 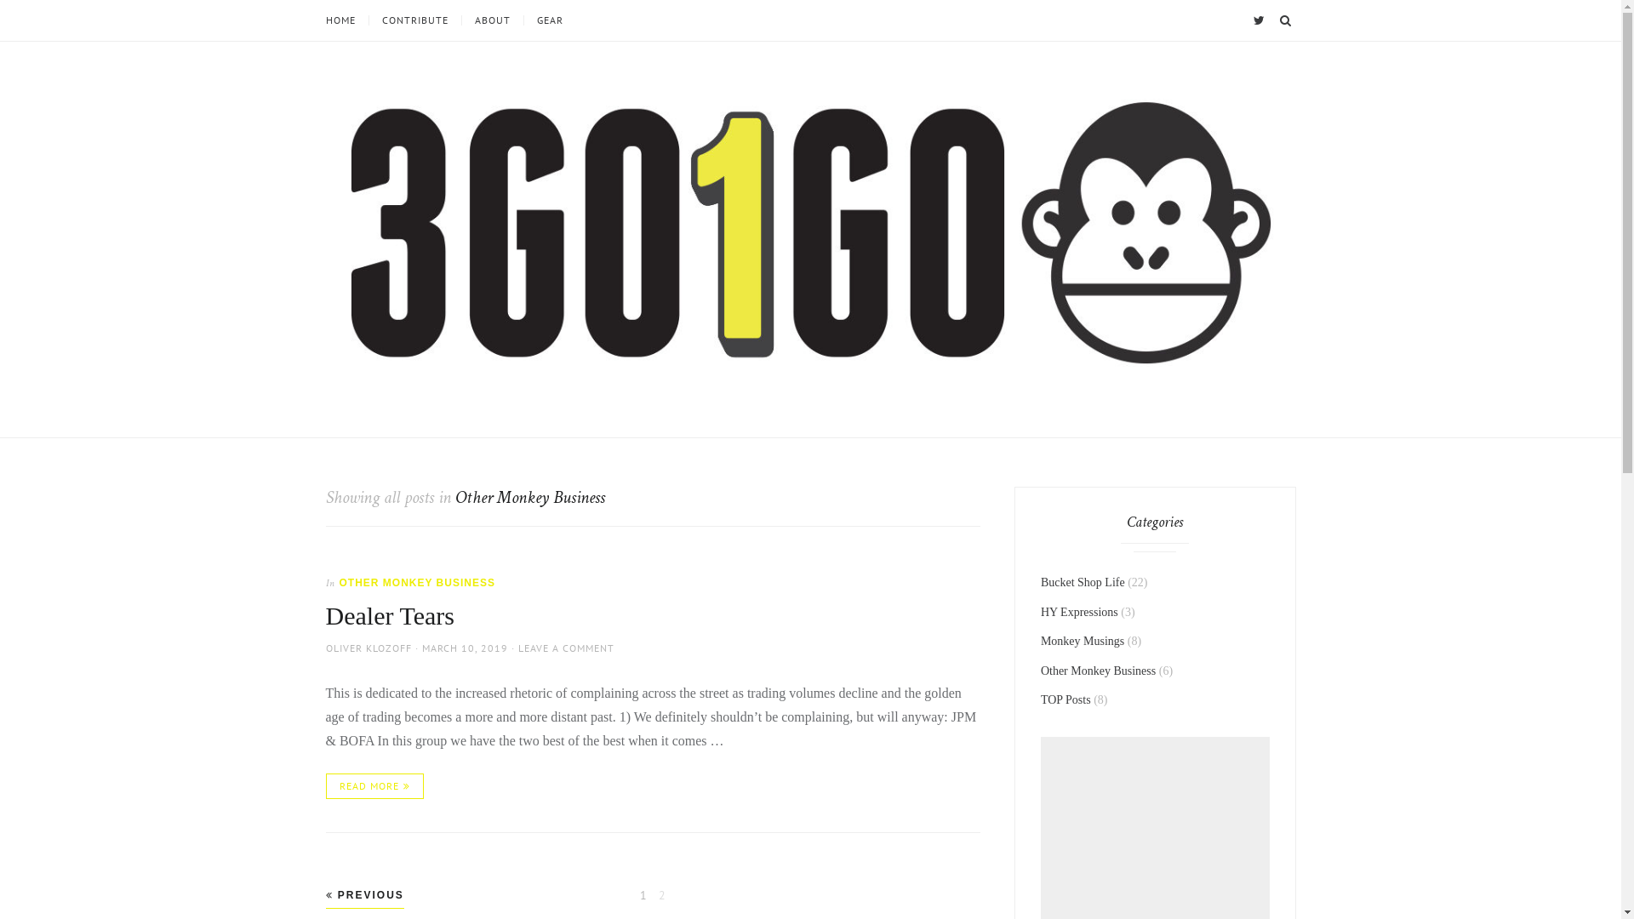 I want to click on 'ABOUT', so click(x=491, y=20).